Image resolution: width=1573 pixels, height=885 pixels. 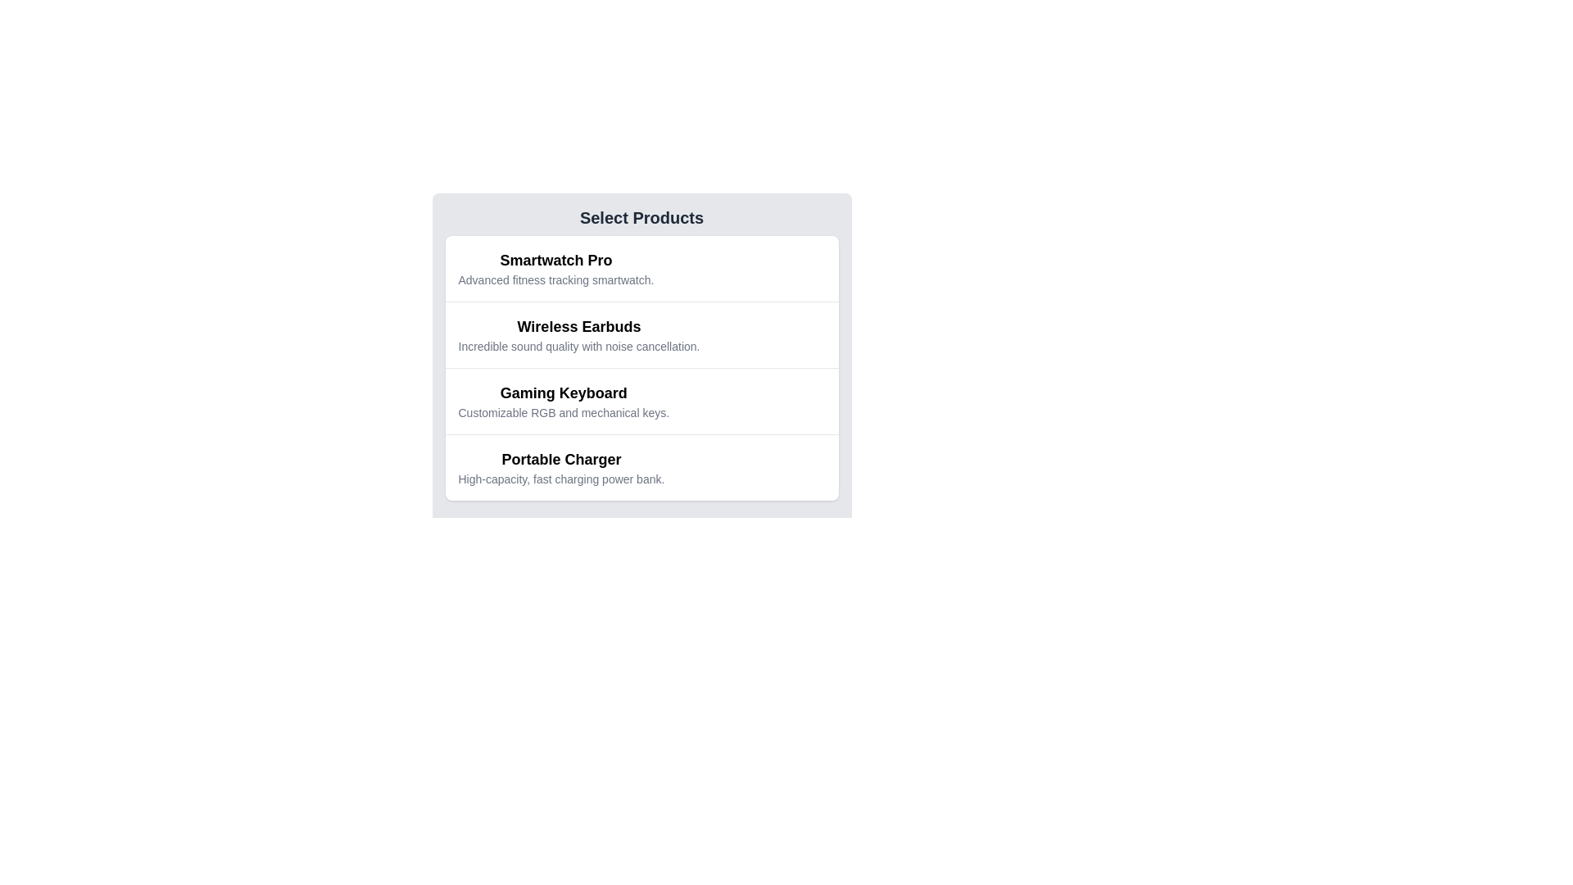 What do you see at coordinates (555, 259) in the screenshot?
I see `the text label for the product 'Smartwatch Pro' located at the top-left corner of the first product entry in the 'Select Products' list` at bounding box center [555, 259].